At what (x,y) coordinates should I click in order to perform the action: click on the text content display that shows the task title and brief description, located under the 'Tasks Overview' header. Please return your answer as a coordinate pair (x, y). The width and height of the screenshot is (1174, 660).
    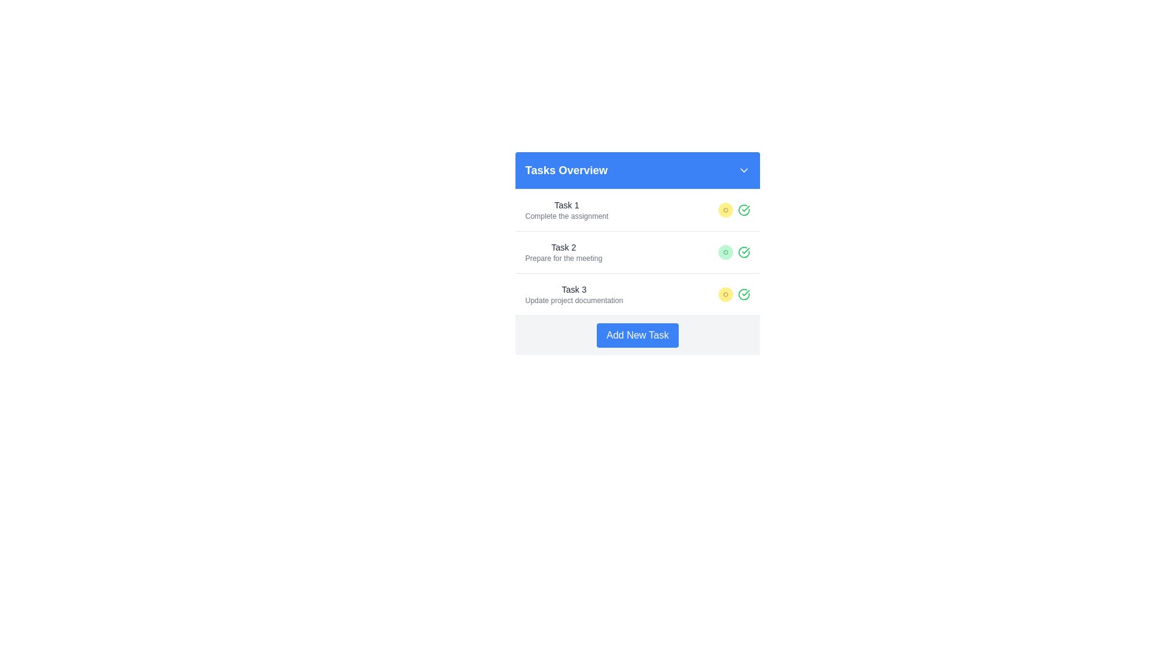
    Looking at the image, I should click on (566, 209).